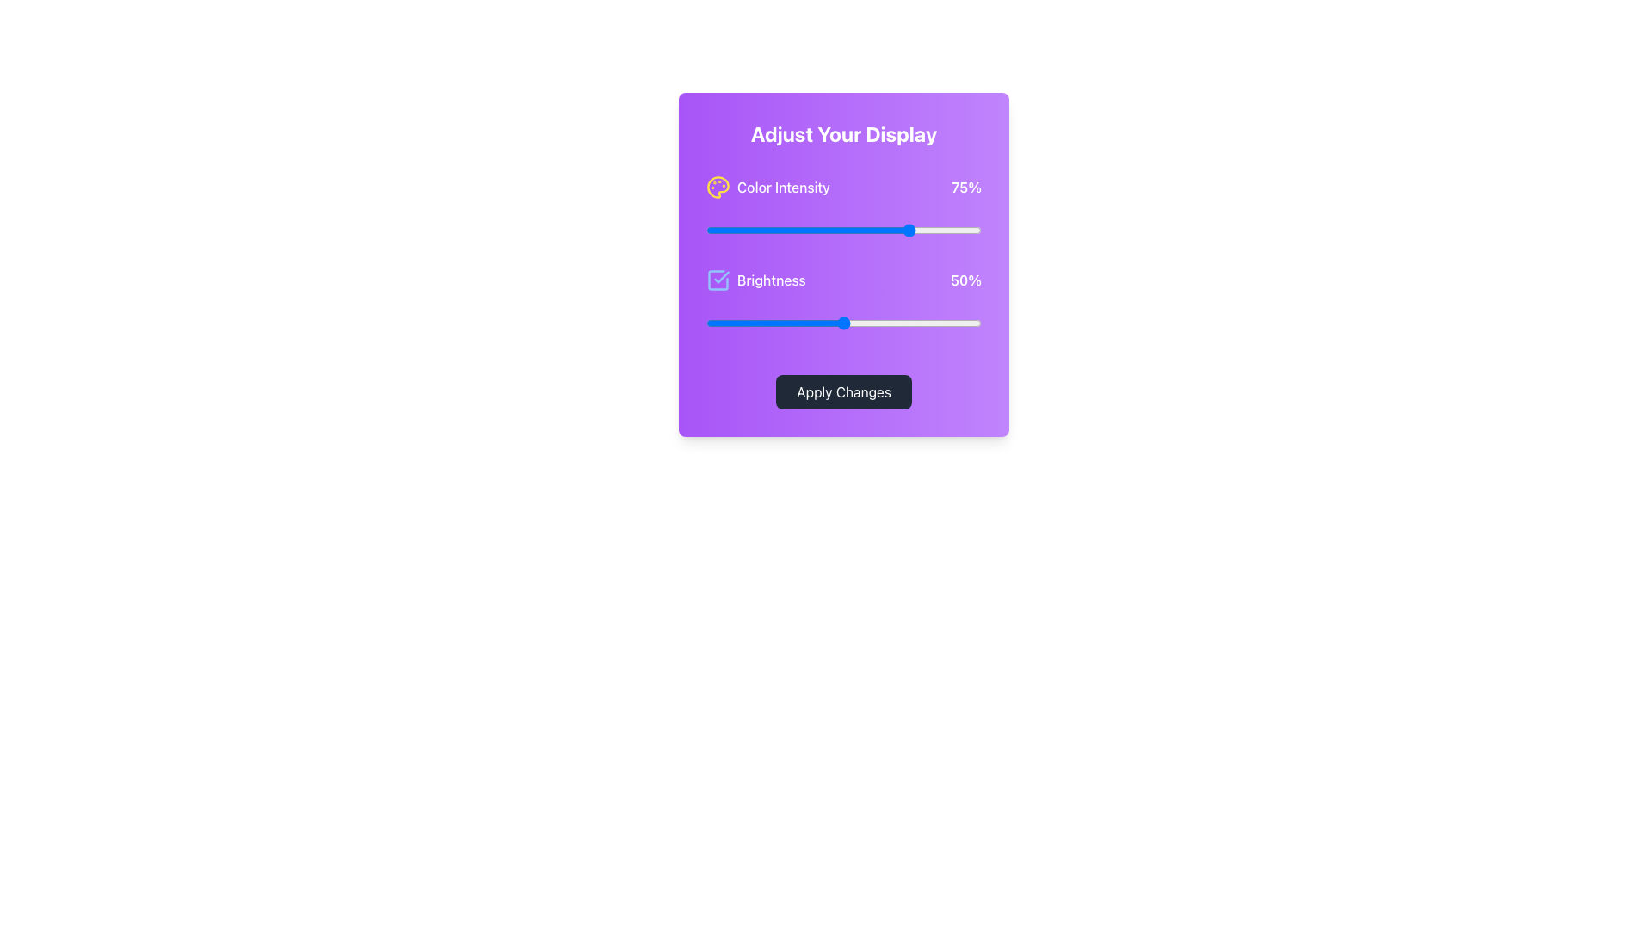 Image resolution: width=1652 pixels, height=929 pixels. What do you see at coordinates (843, 132) in the screenshot?
I see `the title text element located at the top-center of the dialog box` at bounding box center [843, 132].